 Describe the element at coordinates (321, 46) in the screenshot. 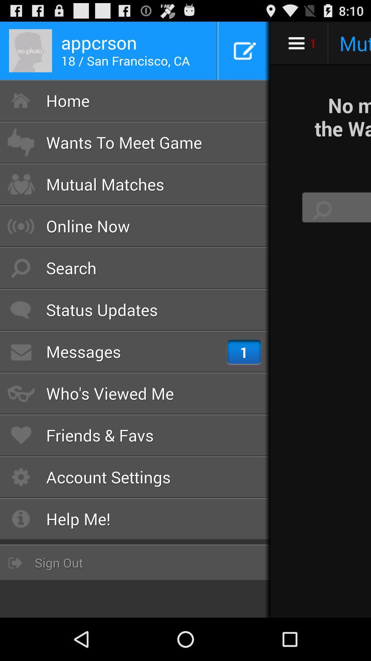

I see `the cart icon` at that location.